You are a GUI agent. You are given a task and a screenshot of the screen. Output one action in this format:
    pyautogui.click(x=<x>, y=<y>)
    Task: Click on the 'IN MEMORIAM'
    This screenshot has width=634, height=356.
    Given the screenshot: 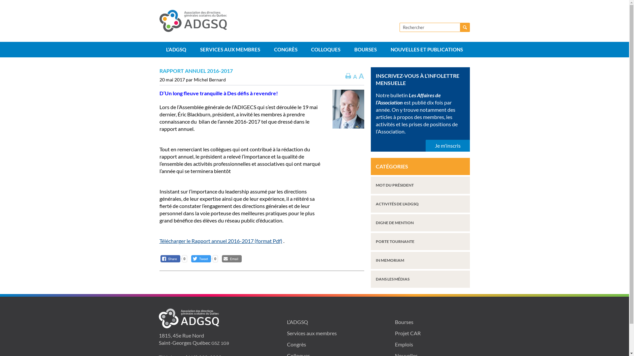 What is the action you would take?
    pyautogui.click(x=420, y=260)
    